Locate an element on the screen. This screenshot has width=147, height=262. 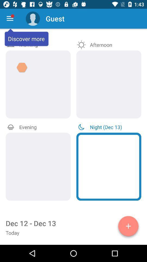
the add icon is located at coordinates (128, 227).